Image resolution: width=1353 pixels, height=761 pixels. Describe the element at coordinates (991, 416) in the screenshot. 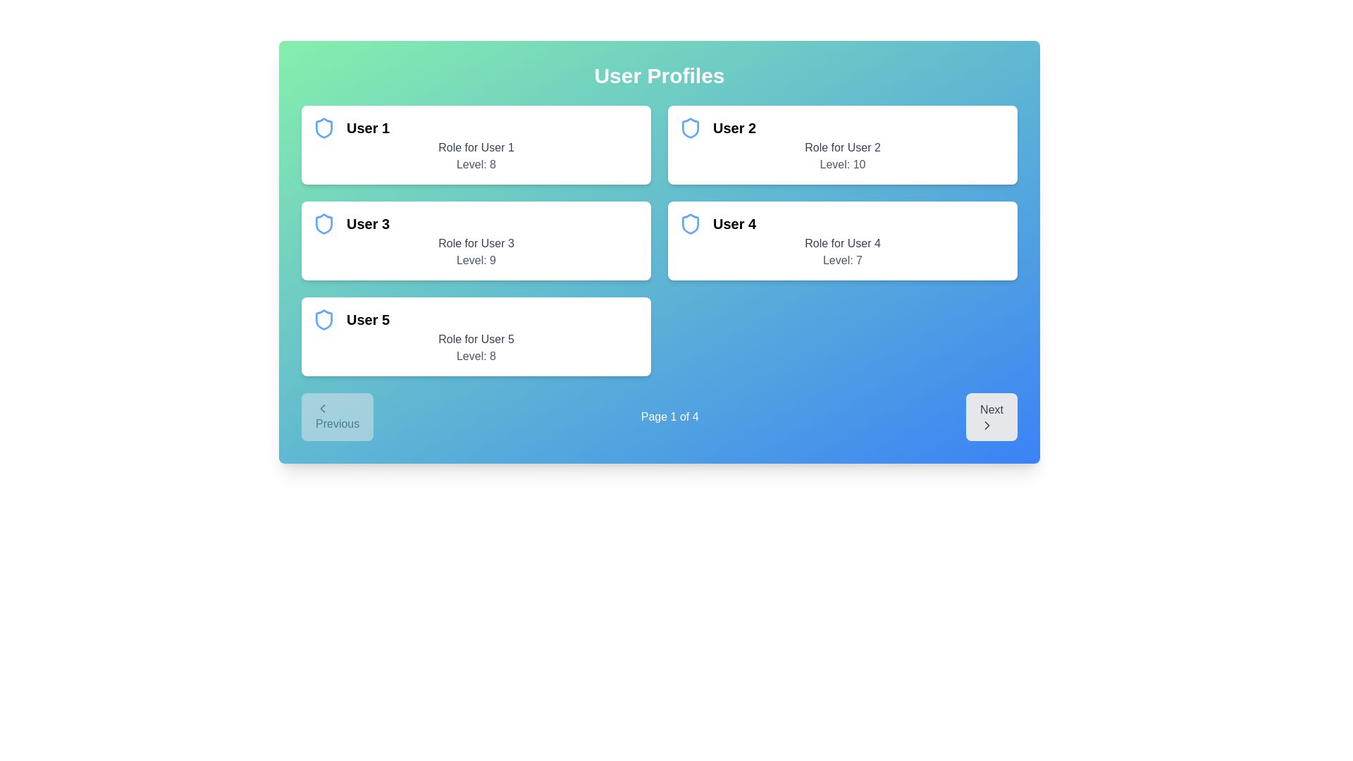

I see `the 'Next' button located in the bottom-right corner of the page` at that location.